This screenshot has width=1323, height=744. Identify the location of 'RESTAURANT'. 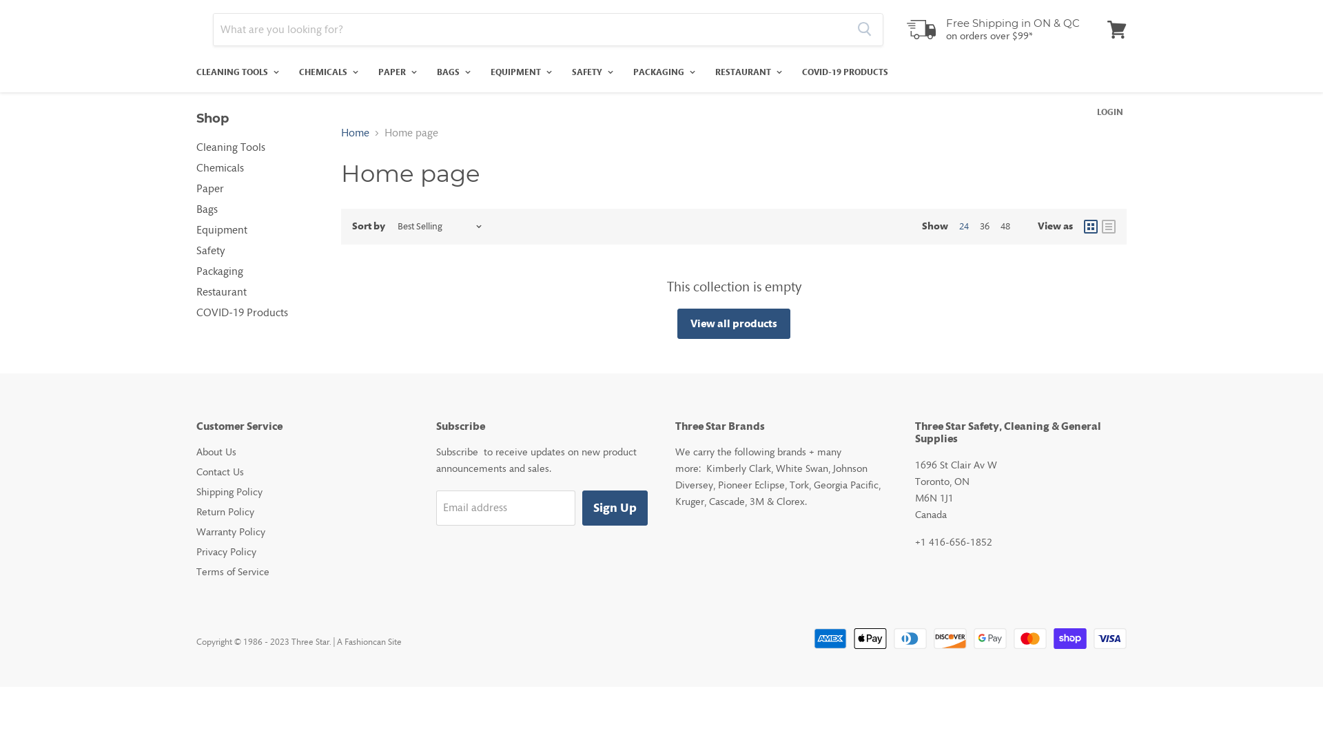
(746, 72).